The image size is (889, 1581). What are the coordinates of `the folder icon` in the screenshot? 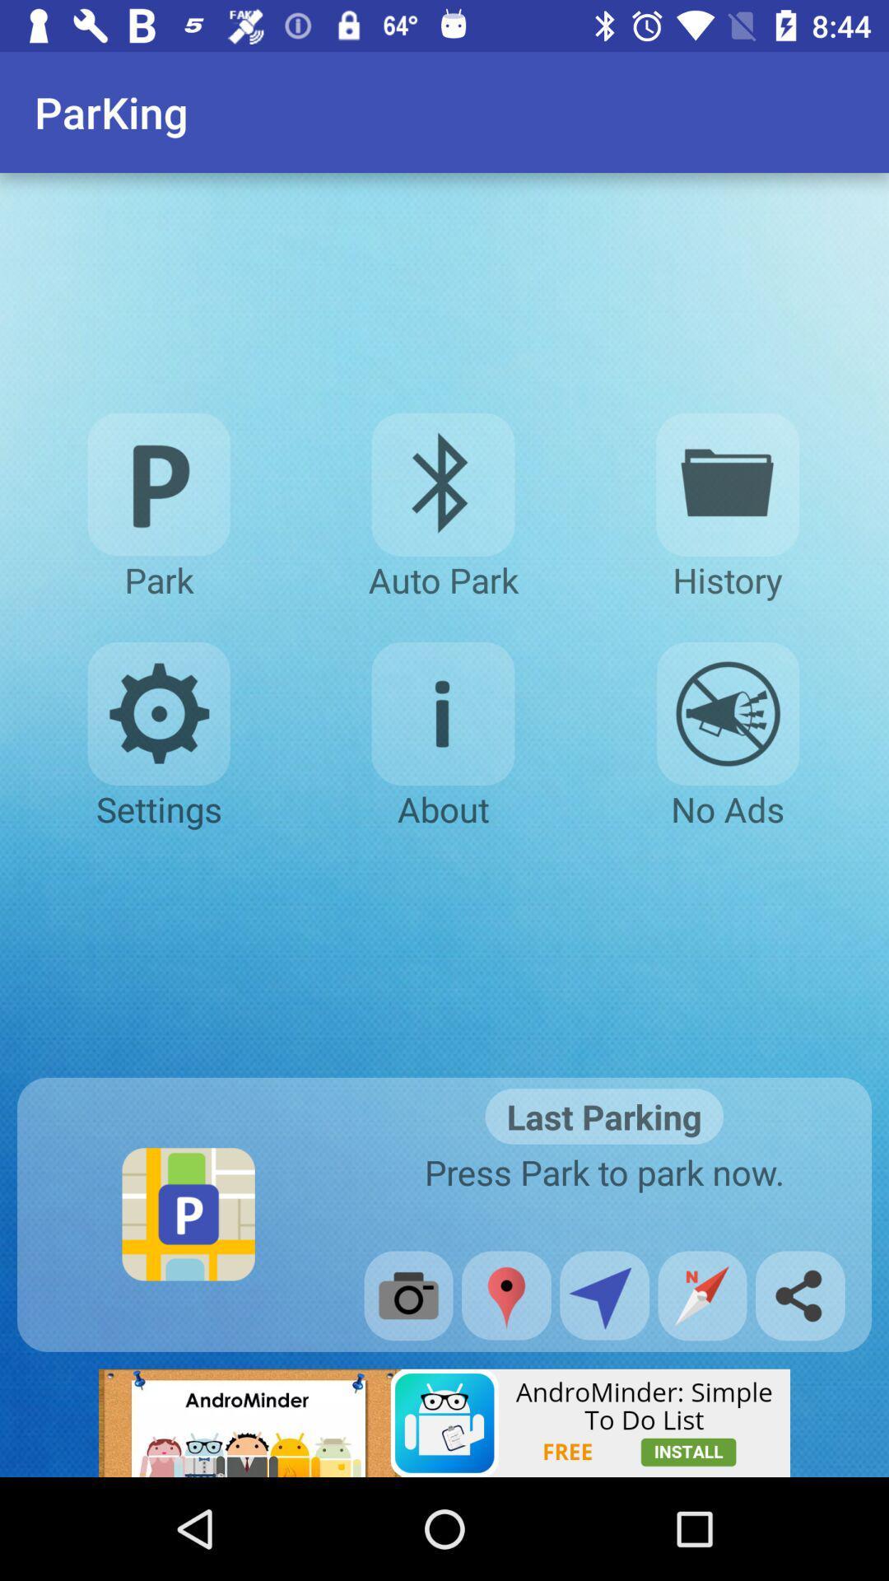 It's located at (727, 483).